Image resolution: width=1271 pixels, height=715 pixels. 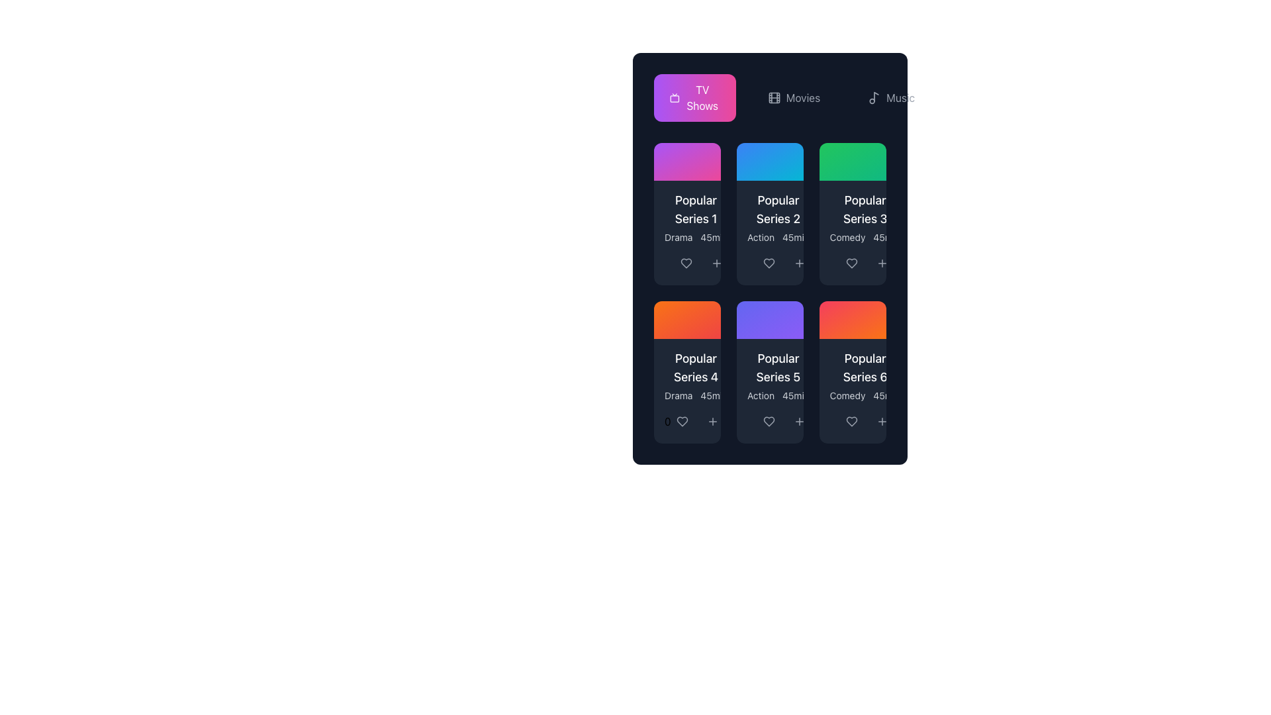 What do you see at coordinates (794, 97) in the screenshot?
I see `the 'Movies' navigation button located in the center of the horizontal navigation menu at the top of the interface` at bounding box center [794, 97].